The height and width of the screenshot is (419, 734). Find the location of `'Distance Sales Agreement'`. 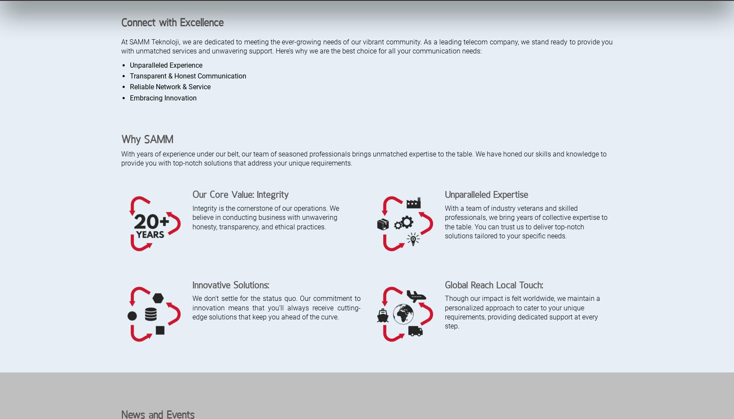

'Distance Sales Agreement' is located at coordinates (447, 362).